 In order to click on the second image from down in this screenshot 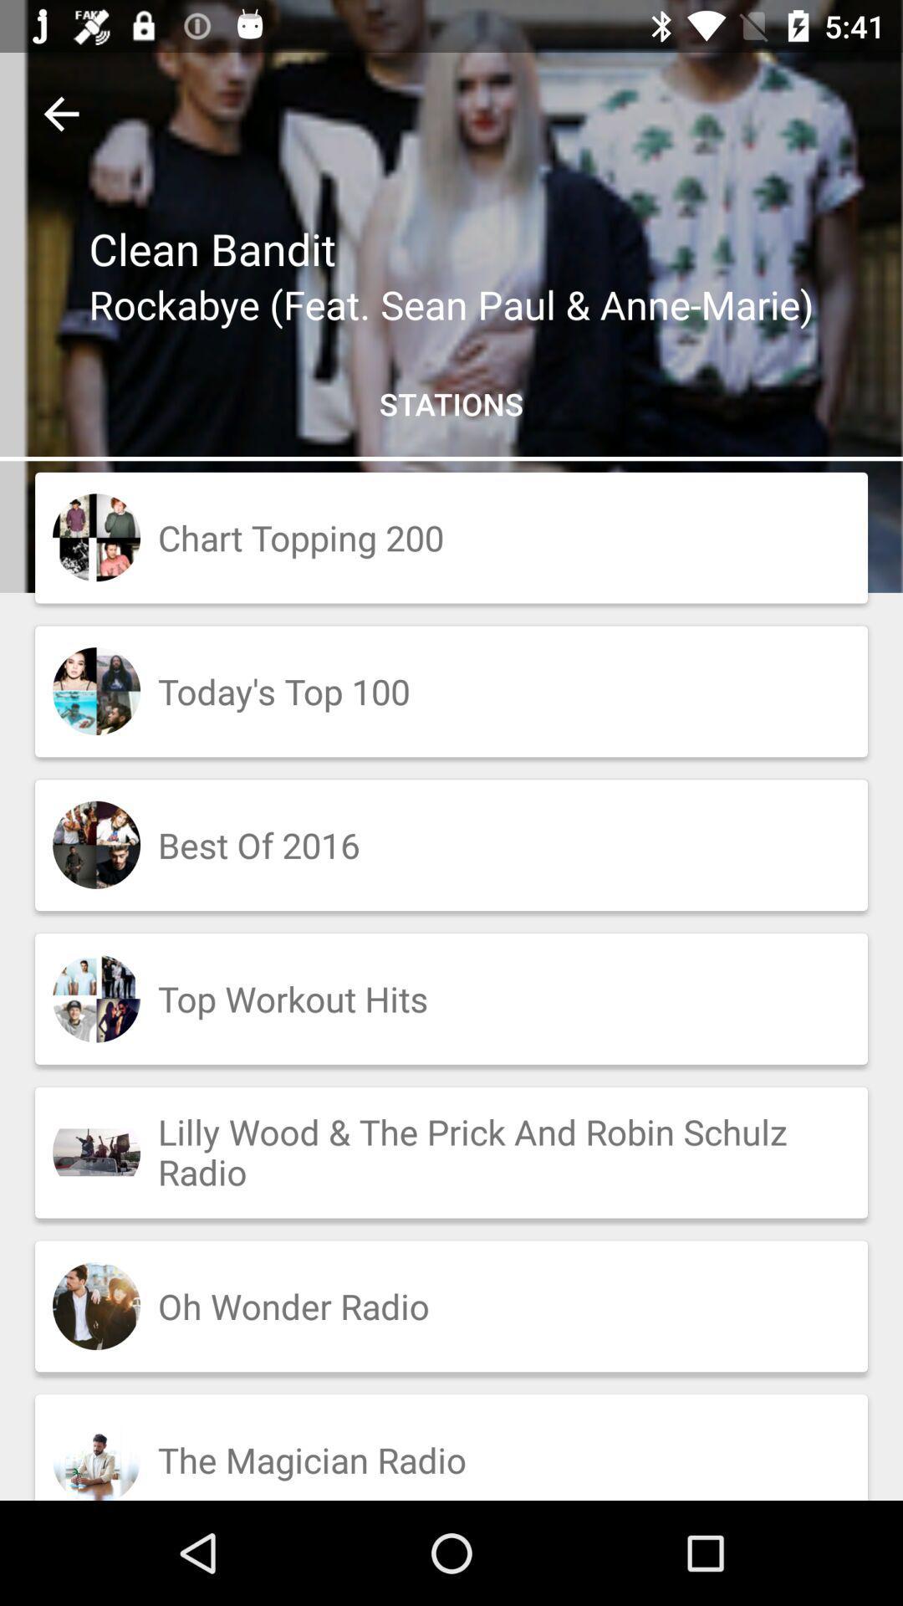, I will do `click(96, 1305)`.